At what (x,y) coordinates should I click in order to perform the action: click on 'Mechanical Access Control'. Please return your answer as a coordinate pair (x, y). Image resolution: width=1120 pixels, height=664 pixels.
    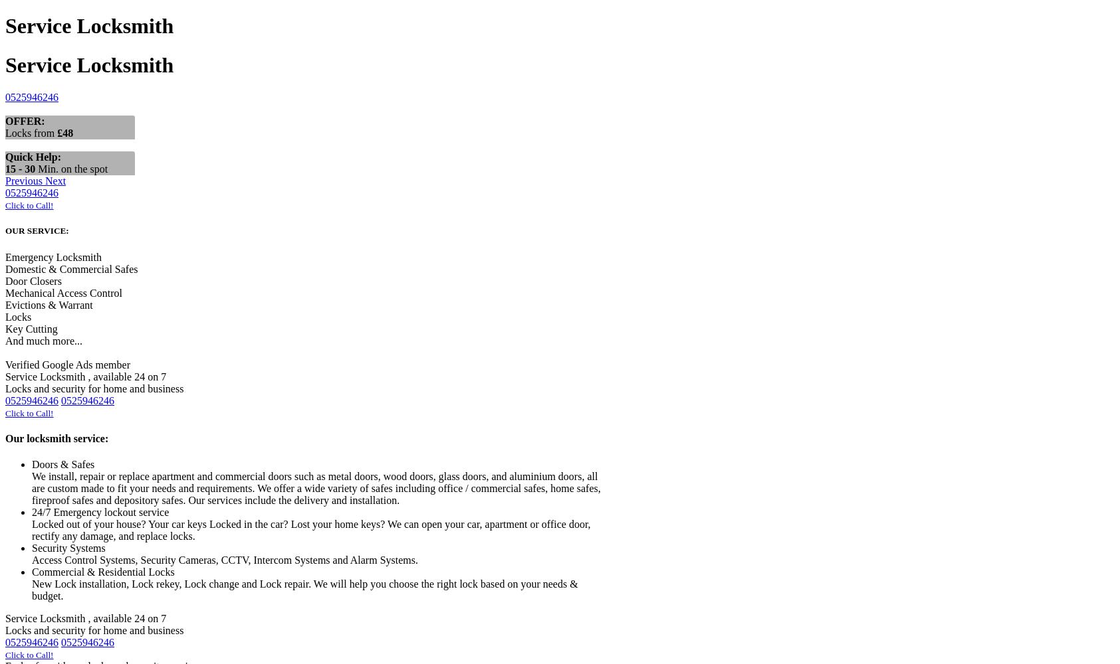
    Looking at the image, I should click on (62, 291).